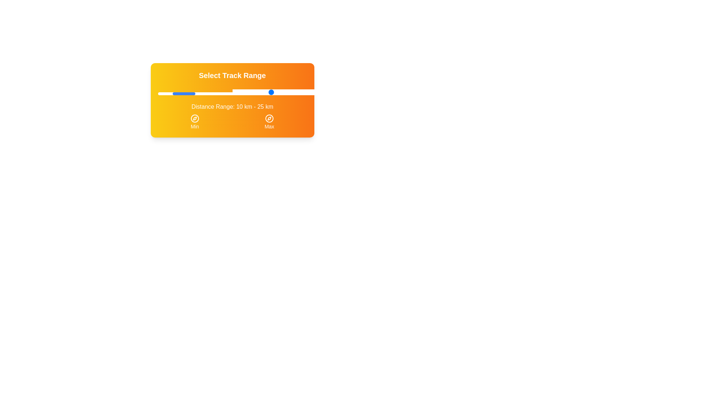 The image size is (701, 394). Describe the element at coordinates (232, 107) in the screenshot. I see `the Label element displaying 'Distance Range: 10 km - 25 km' which is centrally located within a rectangular orange card above the 'Min' and 'Max' icons` at that location.